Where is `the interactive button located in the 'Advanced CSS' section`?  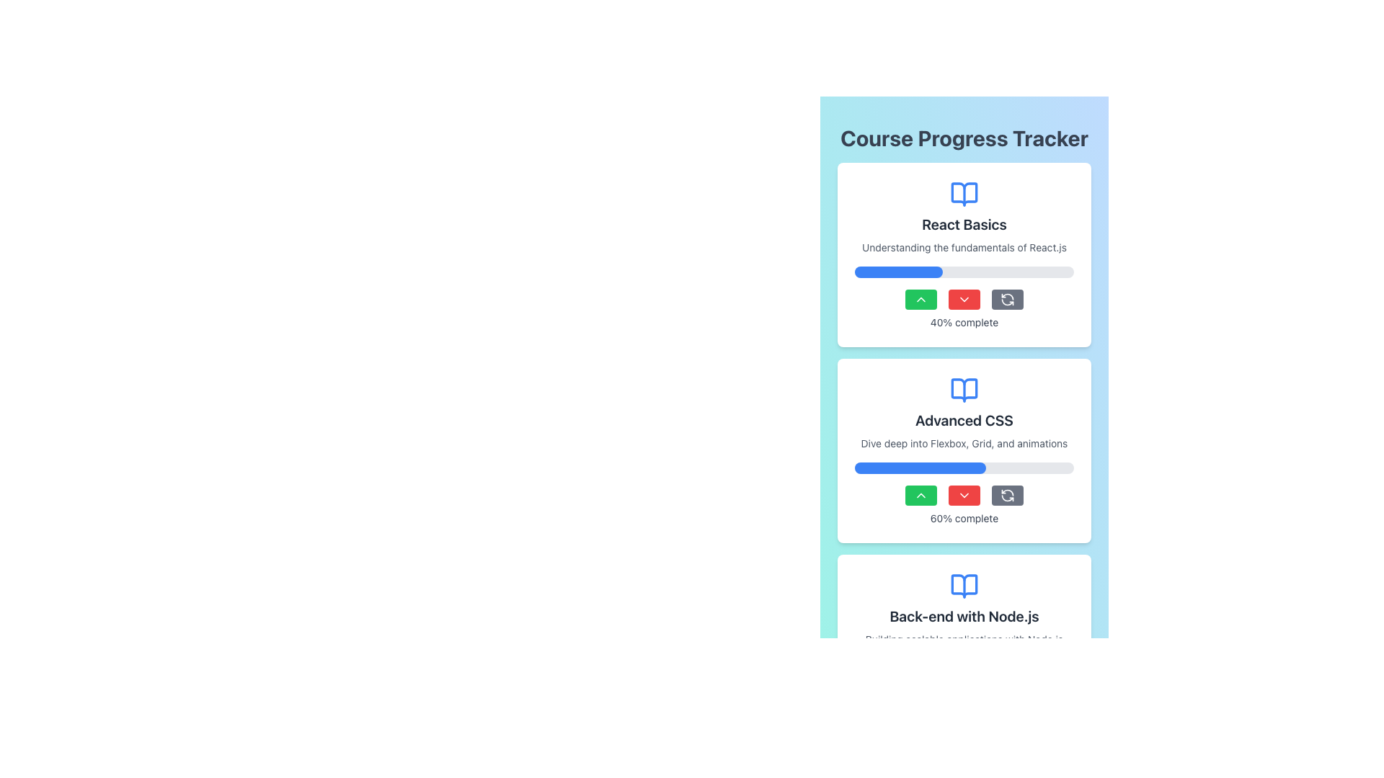
the interactive button located in the 'Advanced CSS' section is located at coordinates (920, 494).